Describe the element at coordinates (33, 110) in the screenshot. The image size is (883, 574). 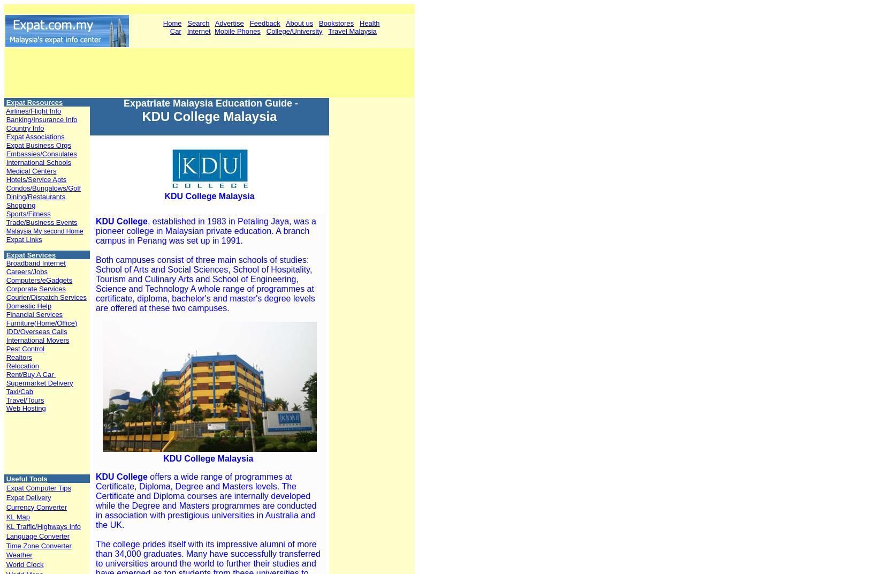
I see `'Airlines/Flight Info'` at that location.